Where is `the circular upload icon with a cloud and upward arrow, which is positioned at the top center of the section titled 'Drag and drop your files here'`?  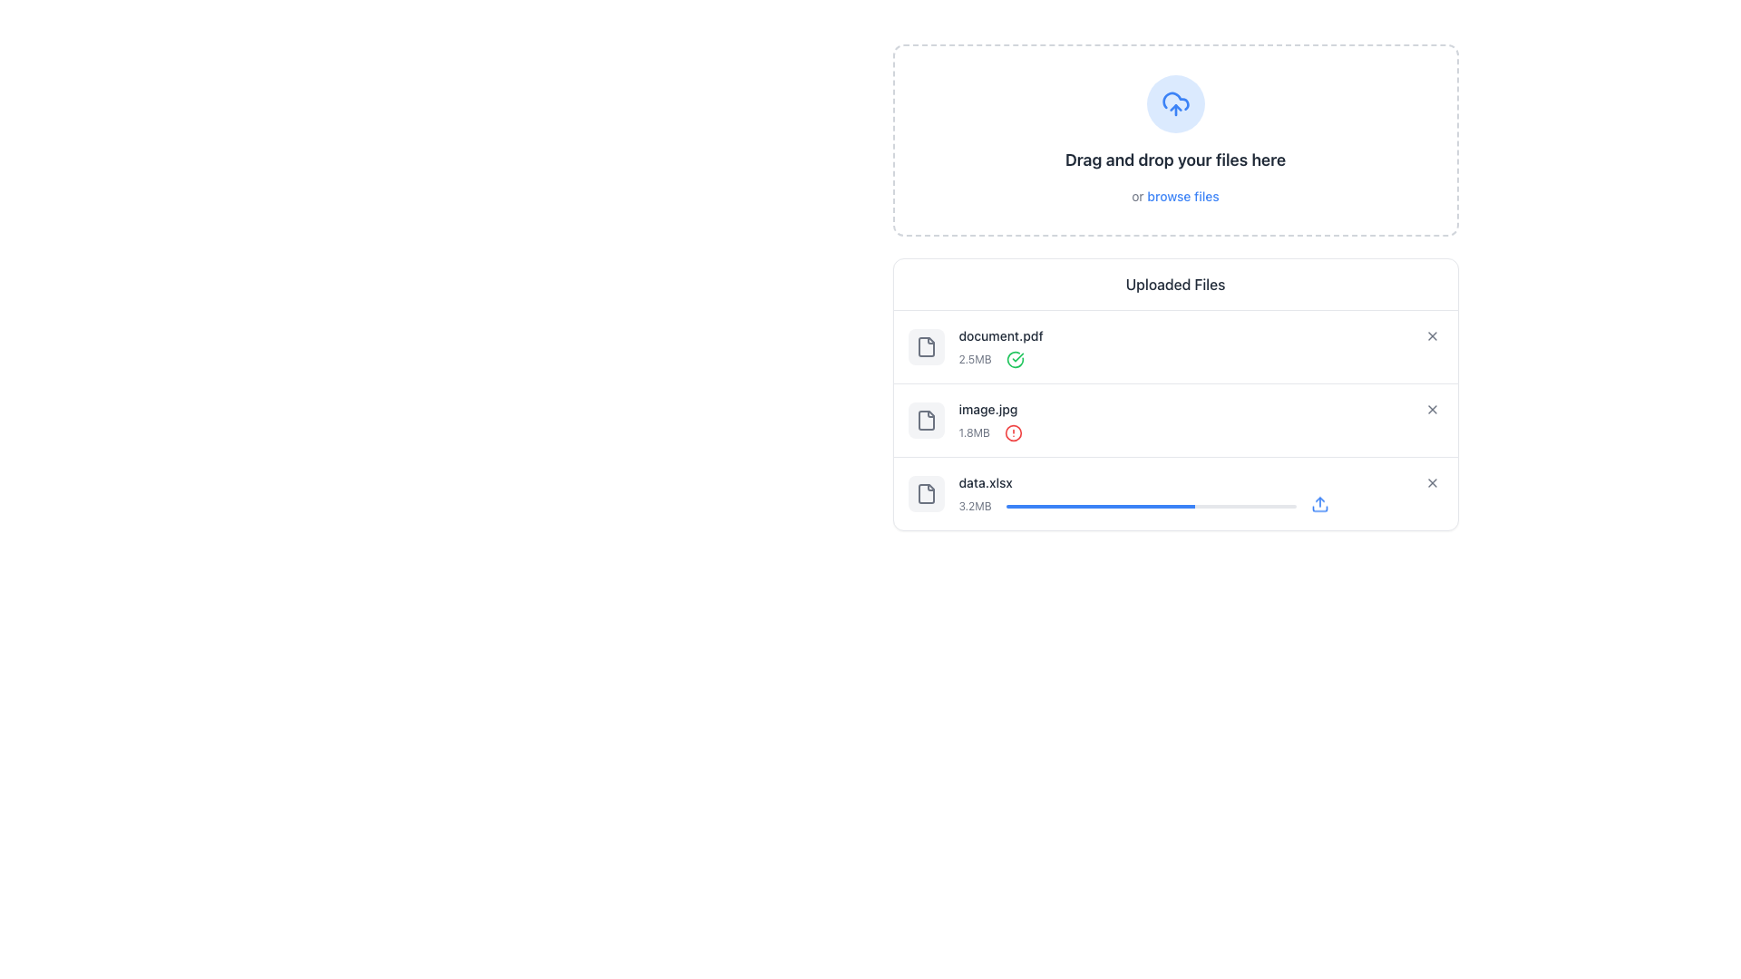 the circular upload icon with a cloud and upward arrow, which is positioned at the top center of the section titled 'Drag and drop your files here' is located at coordinates (1175, 104).